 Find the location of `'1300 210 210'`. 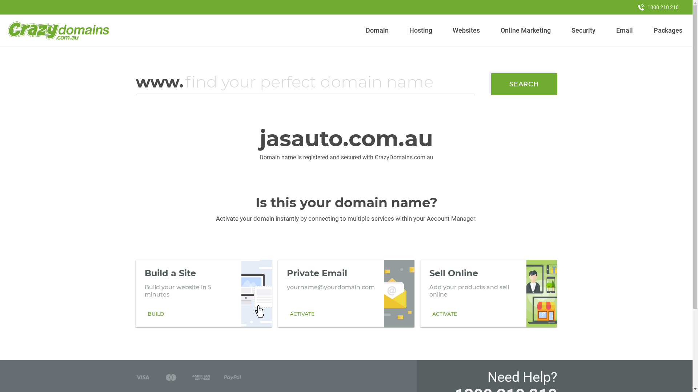

'1300 210 210' is located at coordinates (631, 7).